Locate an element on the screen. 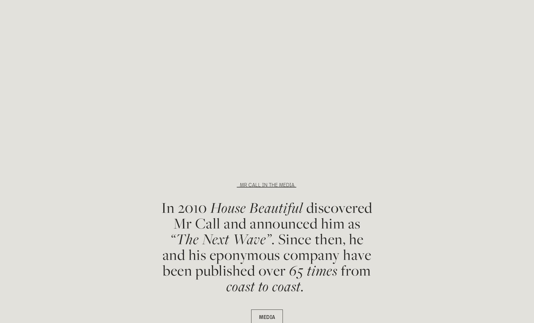 The height and width of the screenshot is (323, 534). 'discovered Mr Call and announced him as' is located at coordinates (173, 215).